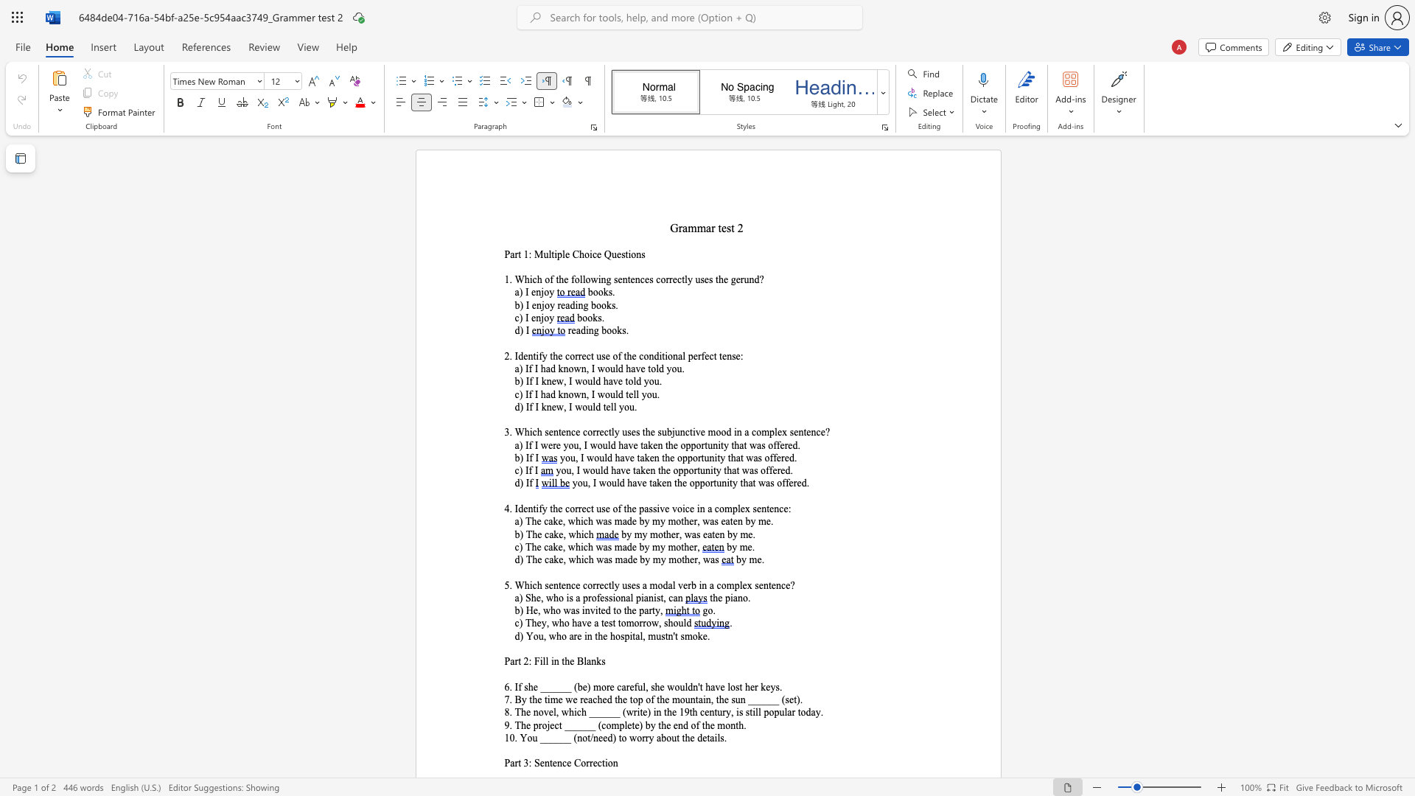 The image size is (1415, 796). Describe the element at coordinates (769, 687) in the screenshot. I see `the subset text "ys" within the text "have lost her keys."` at that location.